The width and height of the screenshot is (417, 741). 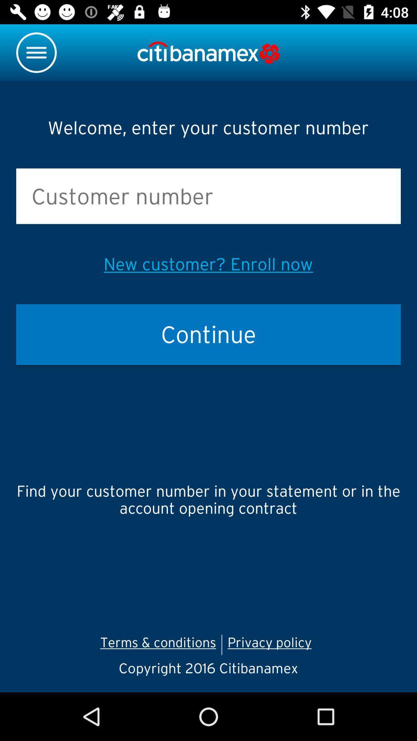 What do you see at coordinates (272, 645) in the screenshot?
I see `icon below find your customer icon` at bounding box center [272, 645].